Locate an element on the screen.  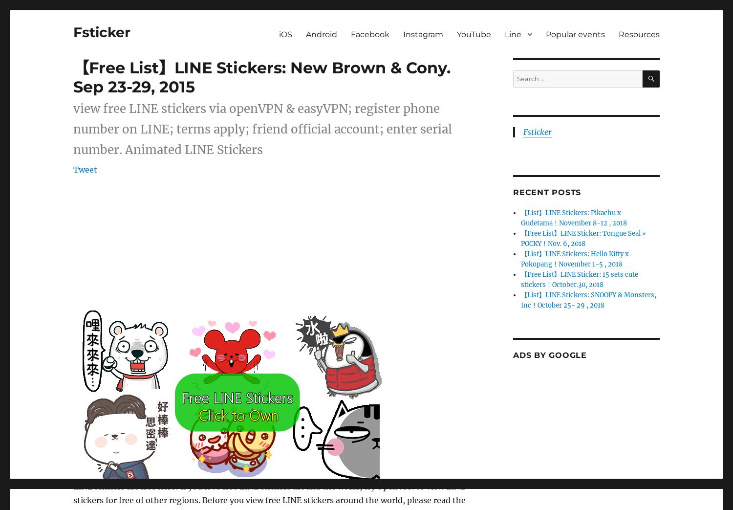
'【List】LINE Stickers: SNOOPY & Monsters, Inc！October 25- 29 , 2018' is located at coordinates (588, 300).